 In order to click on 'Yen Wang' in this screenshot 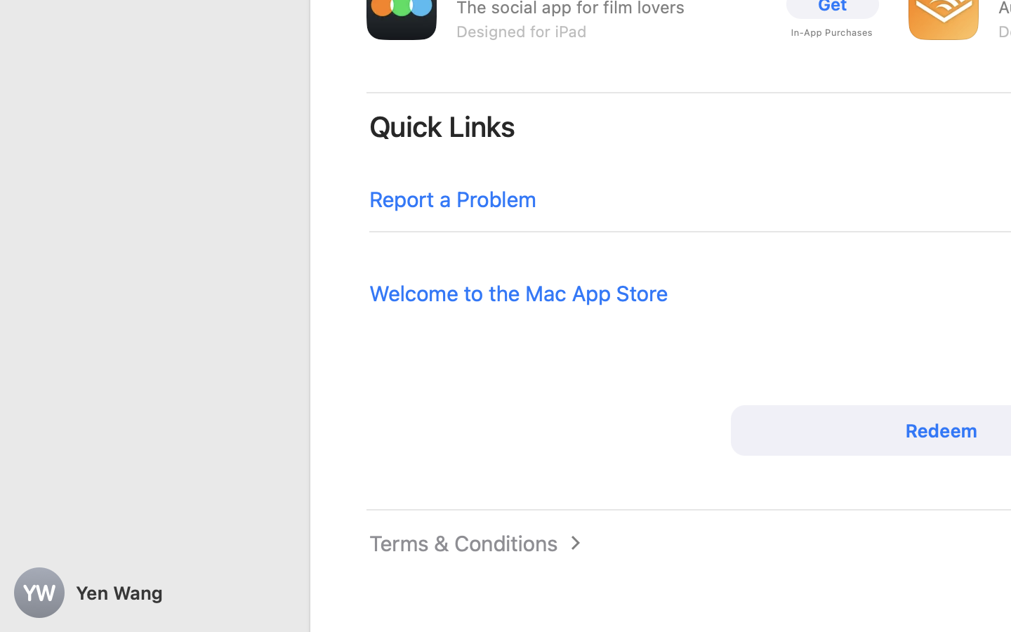, I will do `click(154, 593)`.